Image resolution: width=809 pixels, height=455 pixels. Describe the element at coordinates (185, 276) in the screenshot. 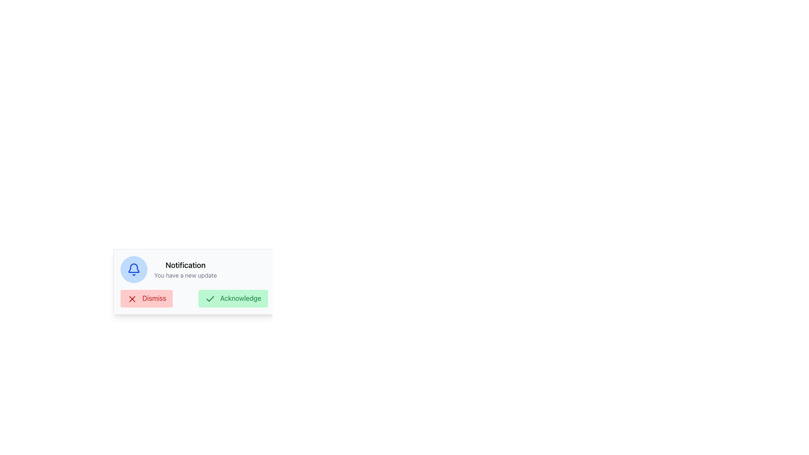

I see `the text label that reads 'You have a new update', which is styled in a small gray font and located under the 'Notification' heading in the notification card layout` at that location.